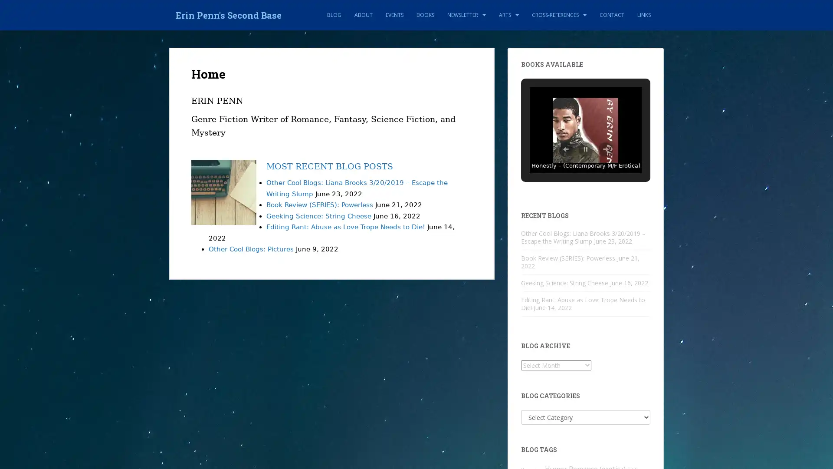  What do you see at coordinates (566, 149) in the screenshot?
I see `Previous Slide` at bounding box center [566, 149].